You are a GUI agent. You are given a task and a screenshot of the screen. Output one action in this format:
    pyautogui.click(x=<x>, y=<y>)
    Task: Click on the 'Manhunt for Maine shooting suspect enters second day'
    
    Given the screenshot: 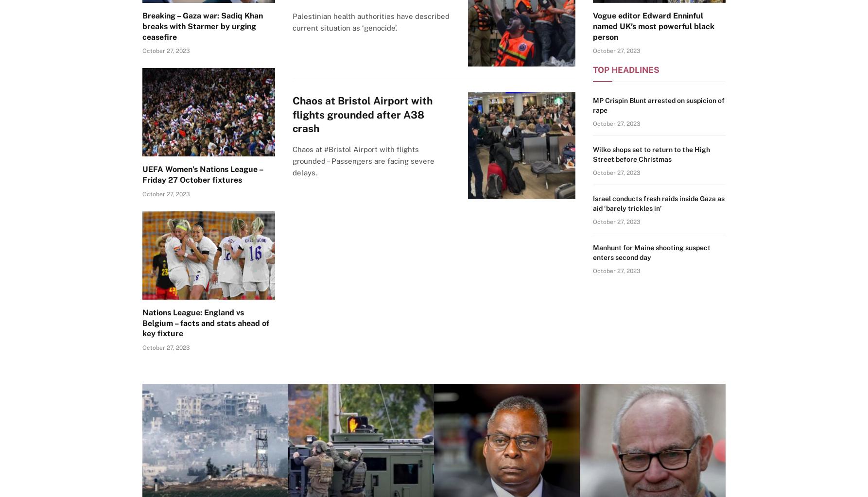 What is the action you would take?
    pyautogui.click(x=651, y=251)
    